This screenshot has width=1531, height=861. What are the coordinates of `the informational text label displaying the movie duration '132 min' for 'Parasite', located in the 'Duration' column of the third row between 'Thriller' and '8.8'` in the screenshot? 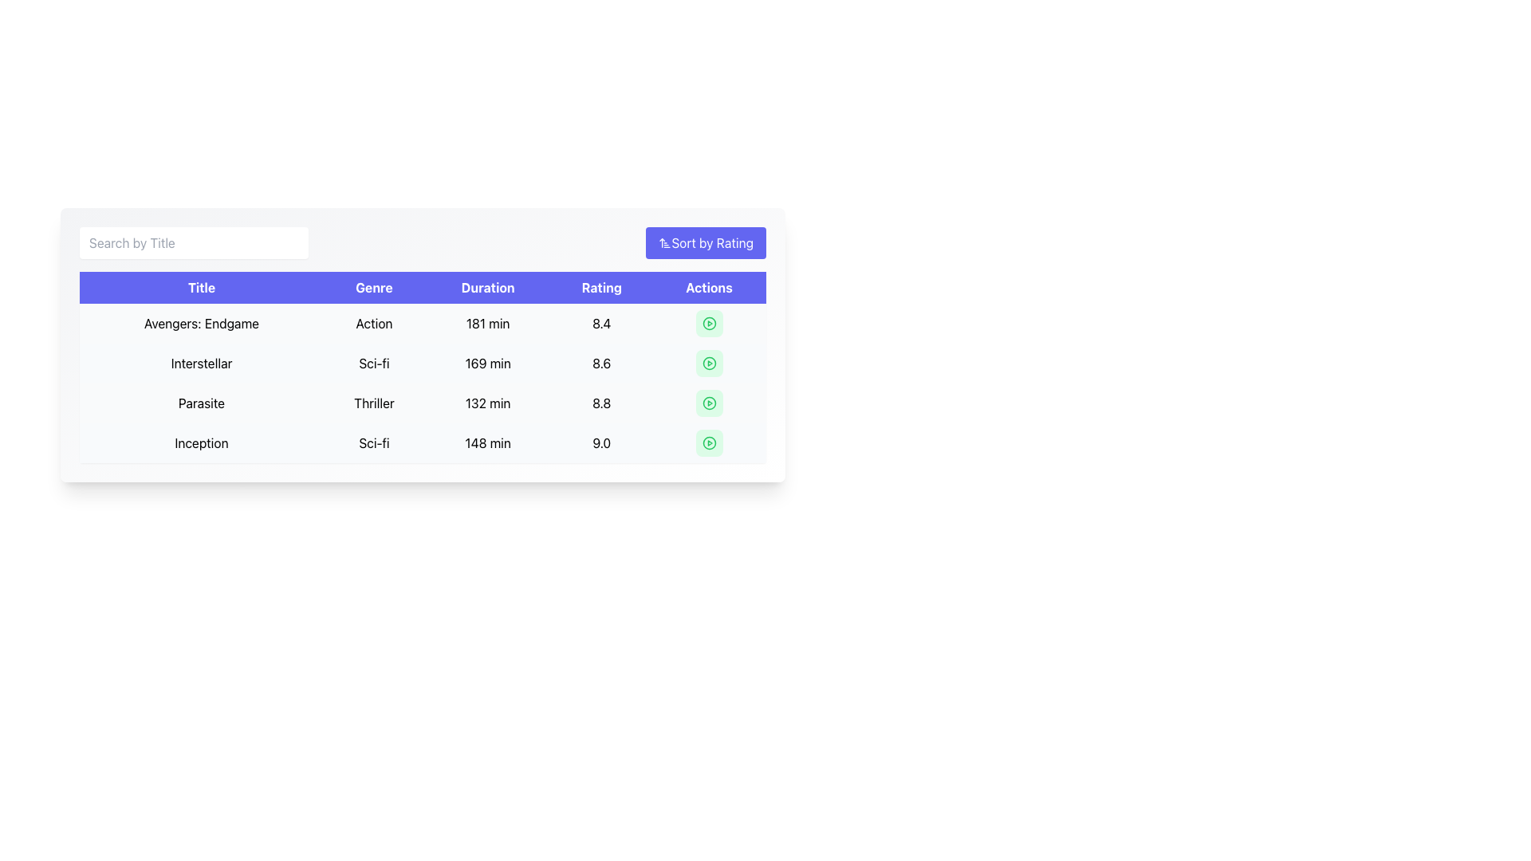 It's located at (487, 402).